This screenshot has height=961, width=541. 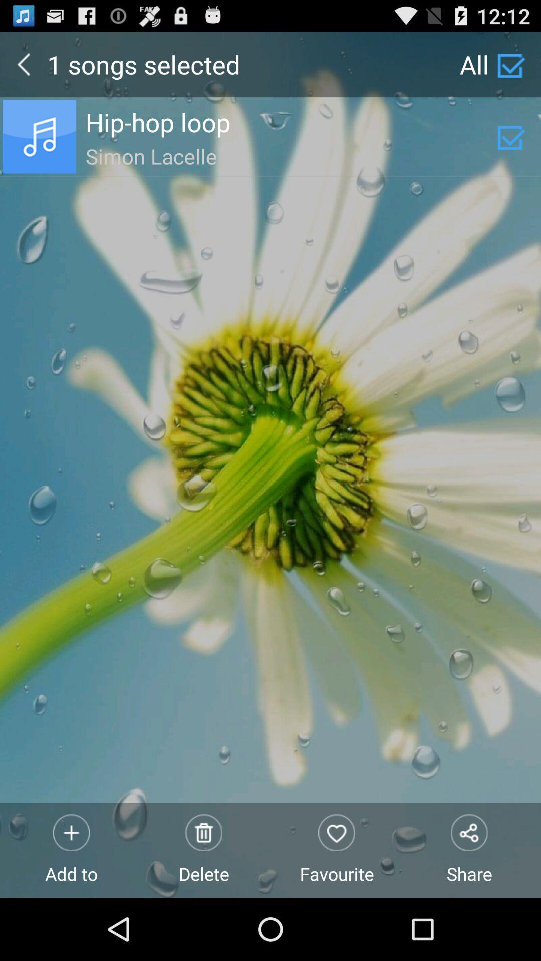 I want to click on simon lacelle item, so click(x=291, y=154).